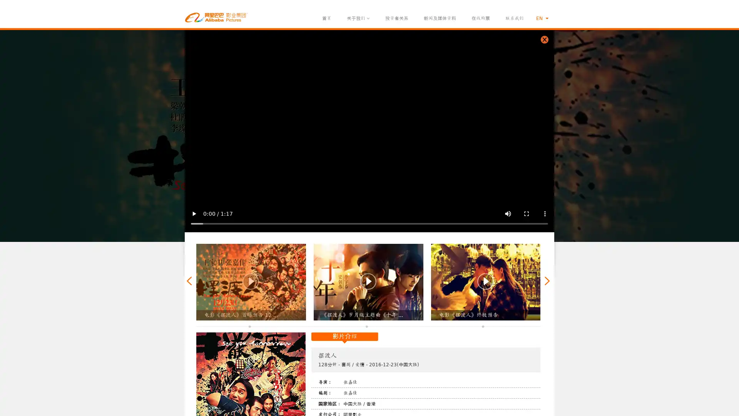 The width and height of the screenshot is (739, 416). What do you see at coordinates (526, 214) in the screenshot?
I see `enter full screen` at bounding box center [526, 214].